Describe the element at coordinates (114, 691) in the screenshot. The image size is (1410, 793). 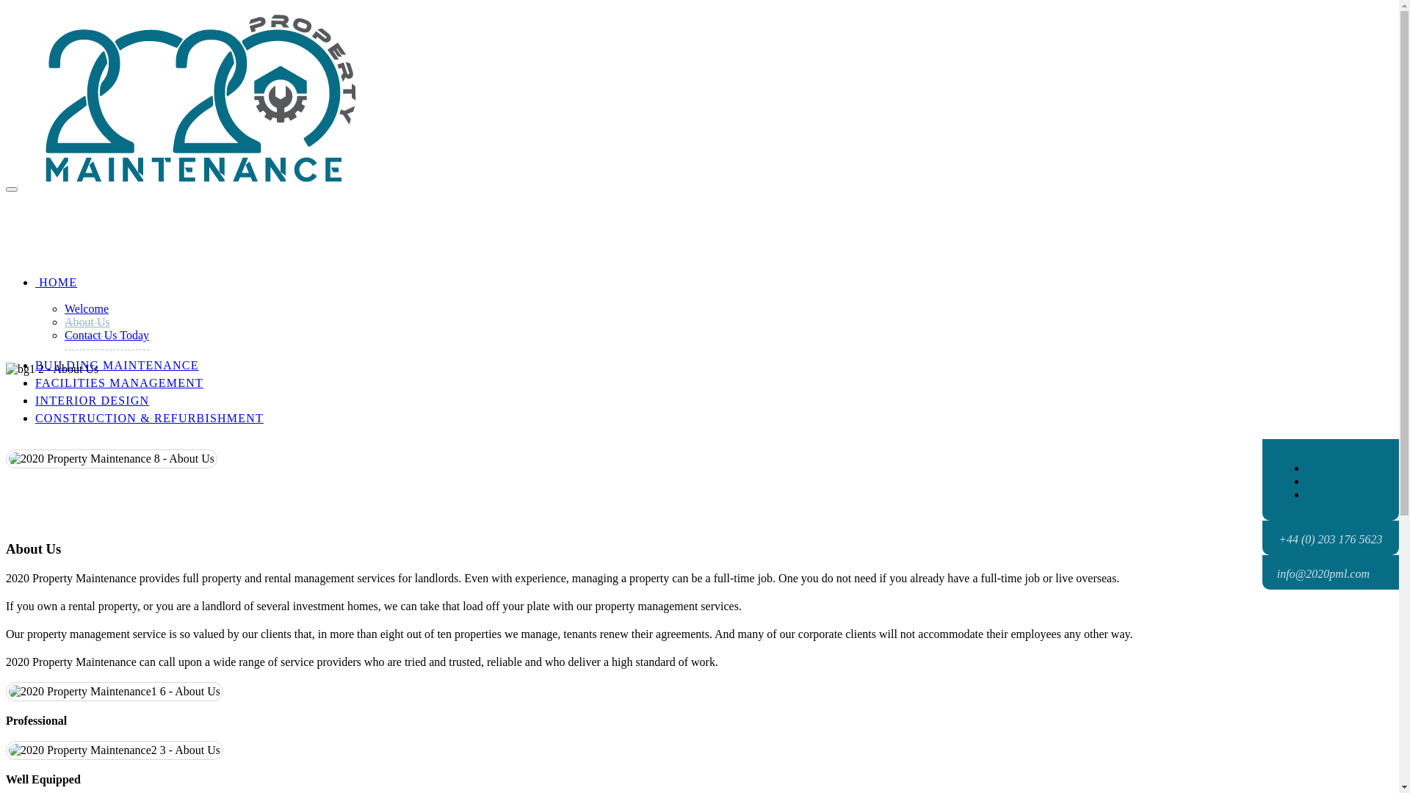
I see `'About Us'` at that location.